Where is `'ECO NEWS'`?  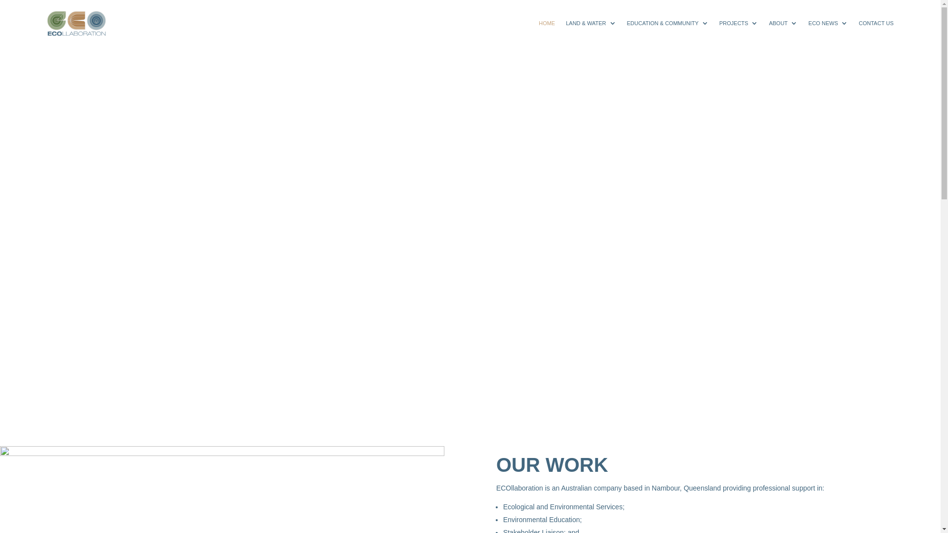 'ECO NEWS' is located at coordinates (828, 23).